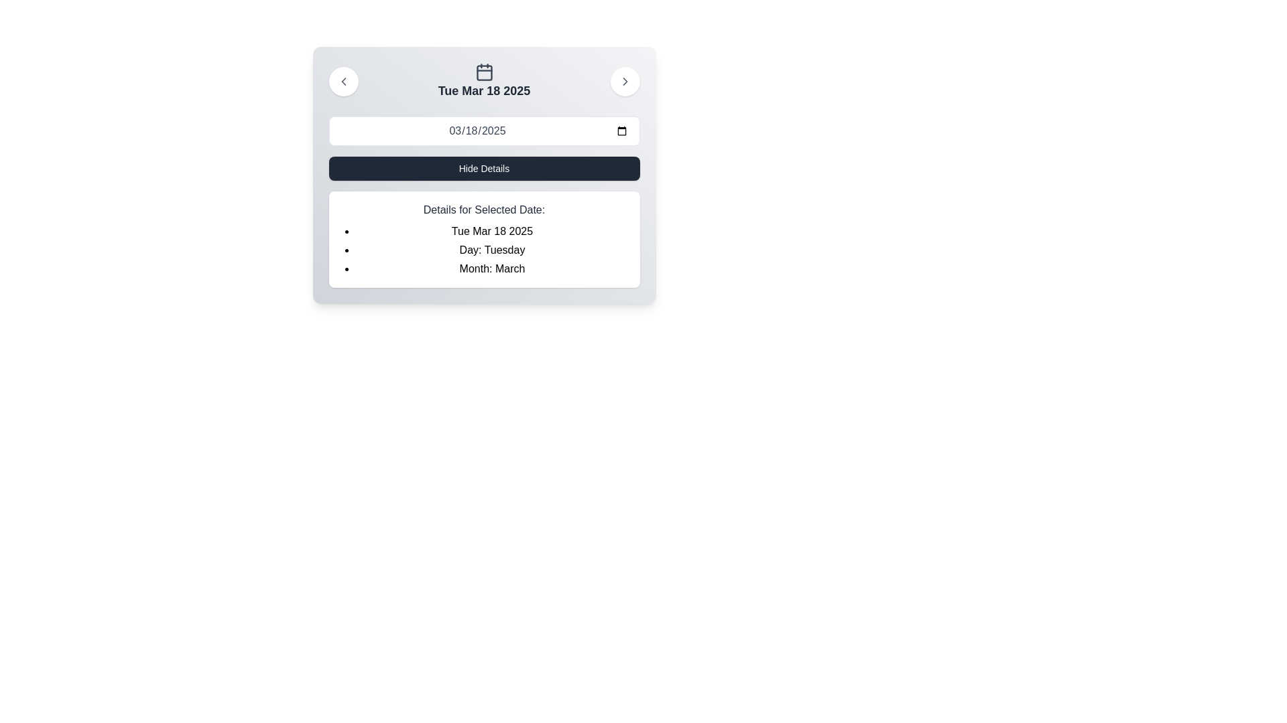  I want to click on the leftward-pointing chevron-shaped icon located in the top-left section of the user interface beside the title 'Tue Mar 18 2025', so click(343, 82).